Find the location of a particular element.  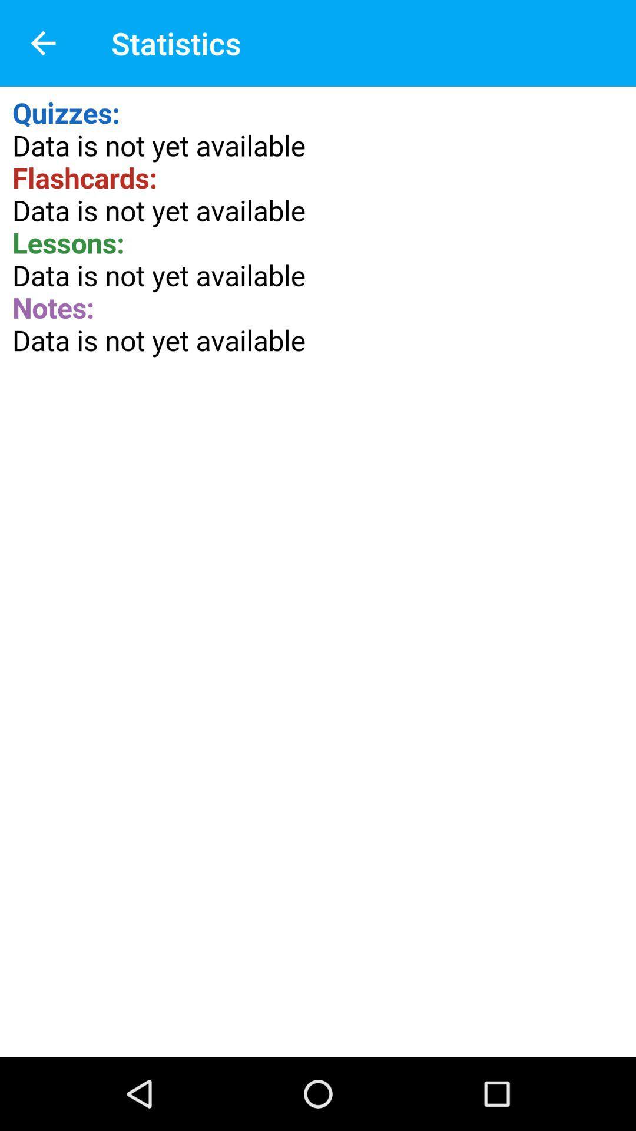

the icon next to statistics icon is located at coordinates (42, 43).